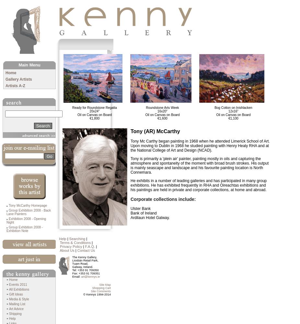 This screenshot has height=324, width=300. Describe the element at coordinates (12, 318) in the screenshot. I see `'Help'` at that location.